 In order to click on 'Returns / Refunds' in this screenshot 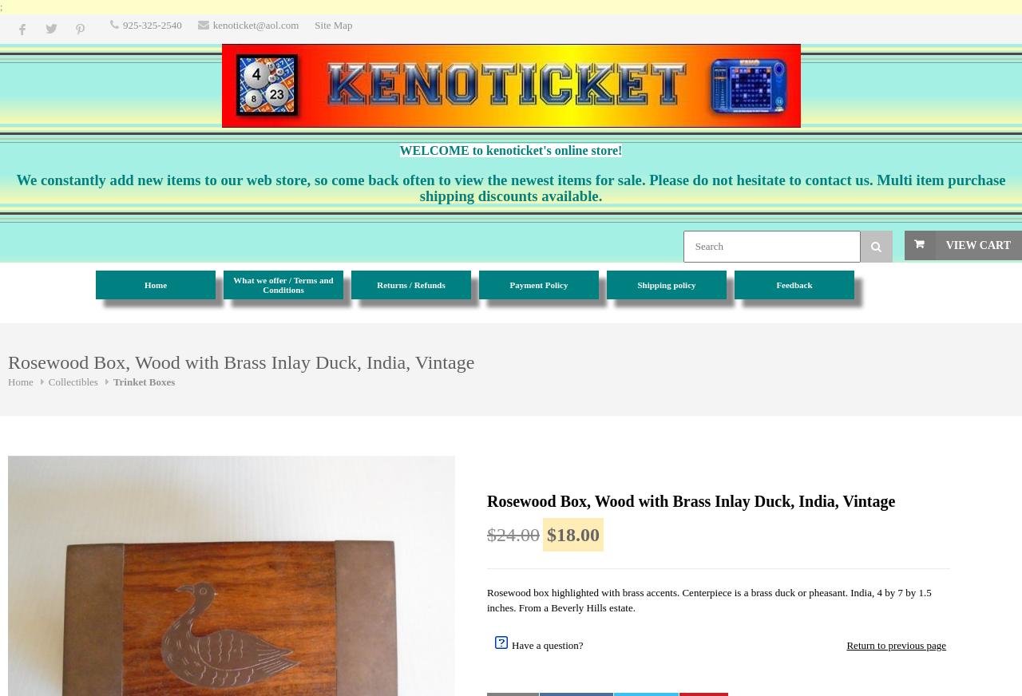, I will do `click(376, 284)`.